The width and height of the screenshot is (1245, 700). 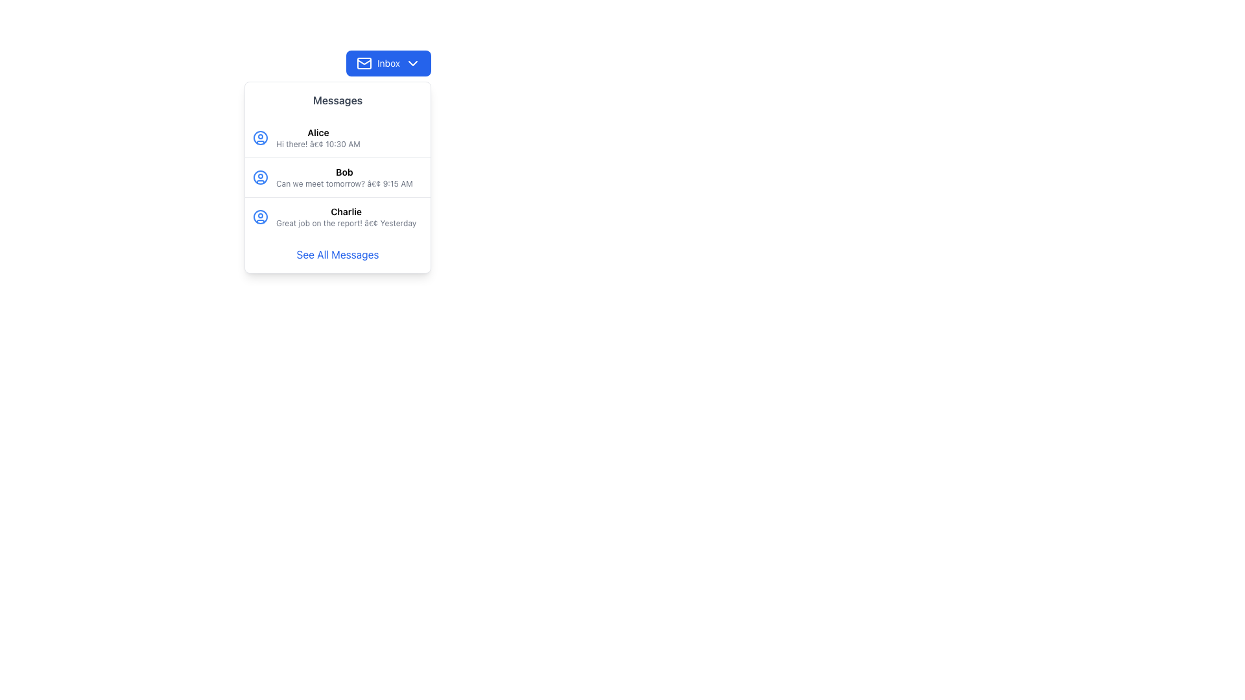 What do you see at coordinates (388, 63) in the screenshot?
I see `the blue rectangular button labeled 'Inbox' with an envelope icon and a downward-facing arrow` at bounding box center [388, 63].